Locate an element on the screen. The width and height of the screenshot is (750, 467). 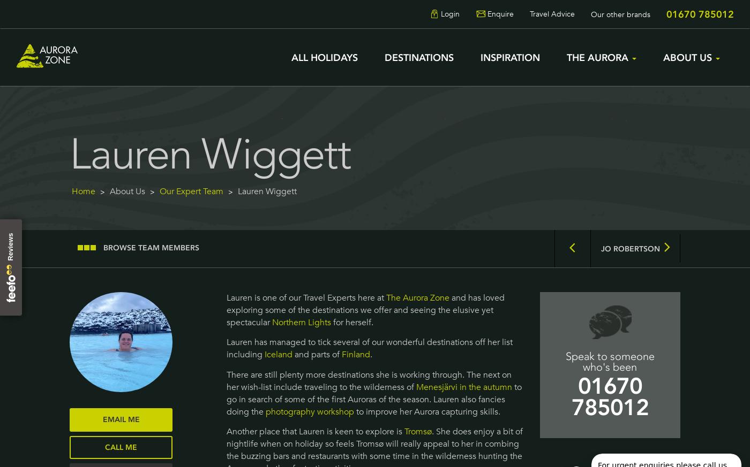
'to go in search of some of the first Auroras of the season. Lauren also fancies doing the' is located at coordinates (373, 398).